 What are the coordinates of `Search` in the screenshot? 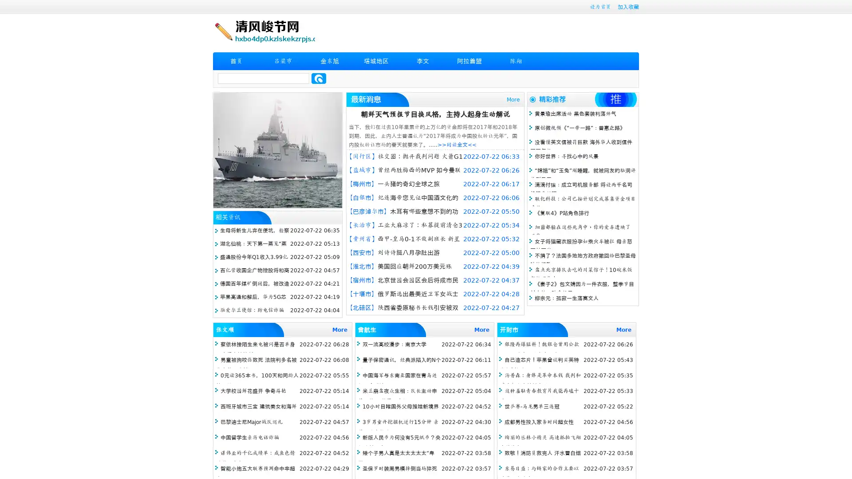 It's located at (319, 78).